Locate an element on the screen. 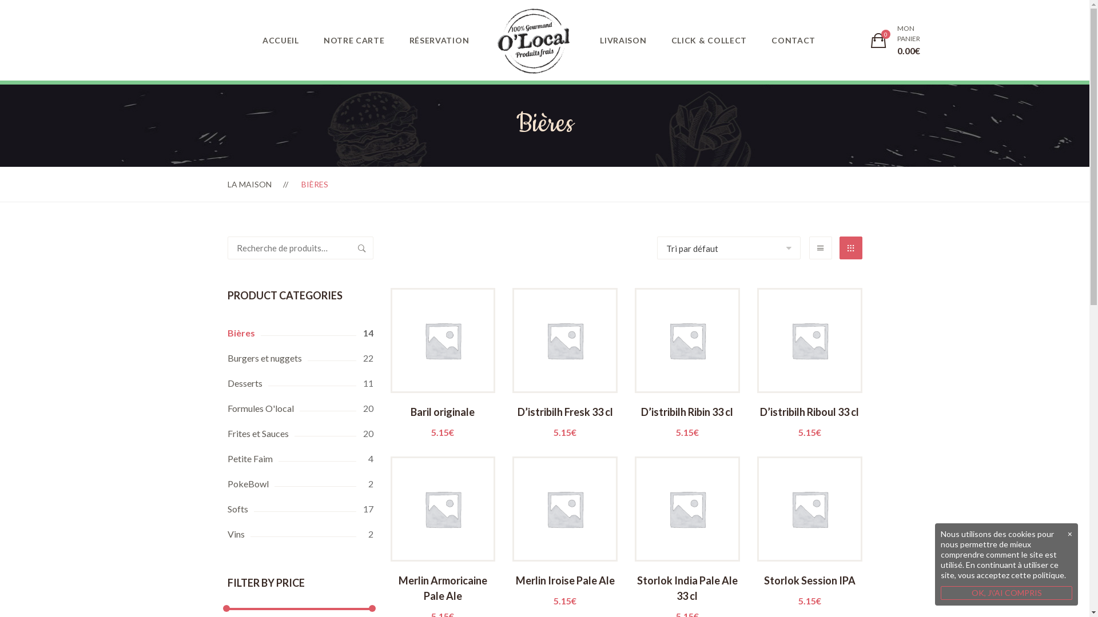  'Vins' is located at coordinates (300, 534).